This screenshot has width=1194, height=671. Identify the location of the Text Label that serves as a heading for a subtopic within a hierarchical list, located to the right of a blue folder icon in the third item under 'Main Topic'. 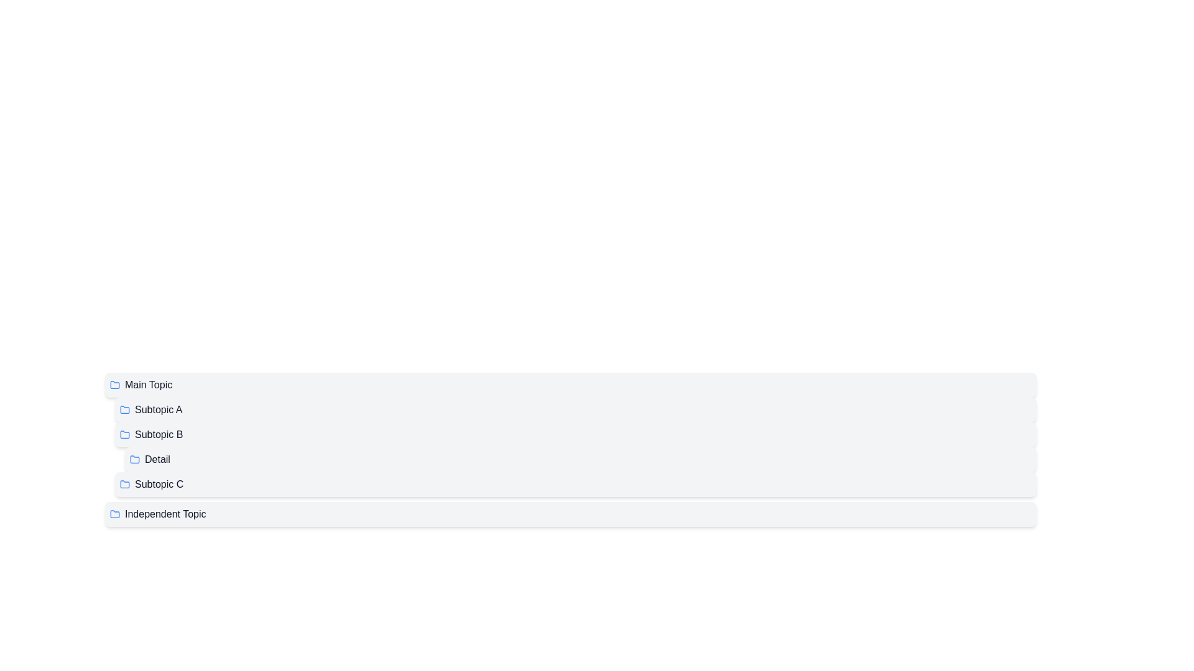
(158, 434).